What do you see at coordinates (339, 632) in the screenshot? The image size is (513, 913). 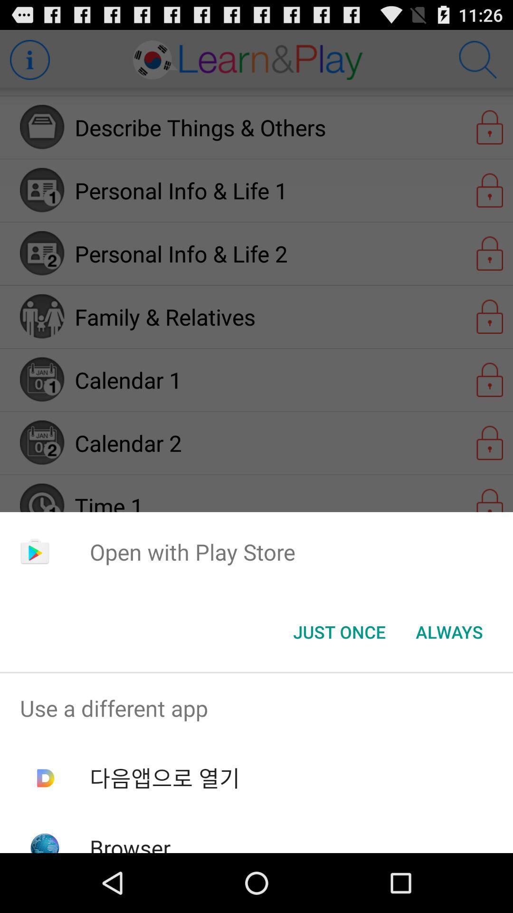 I see `the item below open with play` at bounding box center [339, 632].